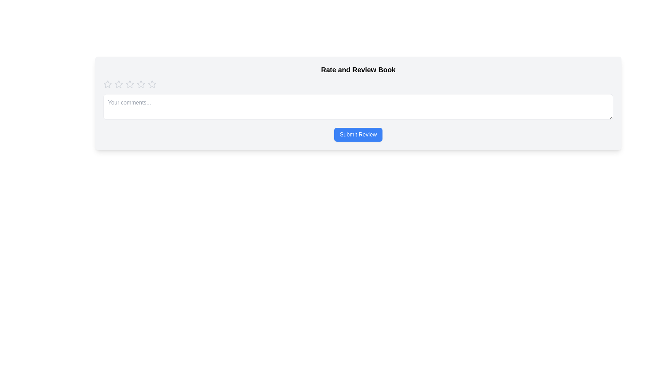 This screenshot has height=375, width=667. I want to click on the star corresponding to the rating level 5, so click(151, 84).